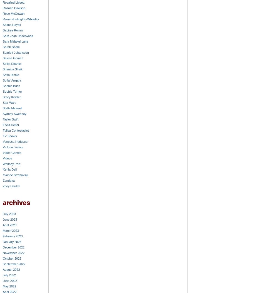 This screenshot has width=275, height=293. What do you see at coordinates (11, 124) in the screenshot?
I see `'Tricia Helfer'` at bounding box center [11, 124].